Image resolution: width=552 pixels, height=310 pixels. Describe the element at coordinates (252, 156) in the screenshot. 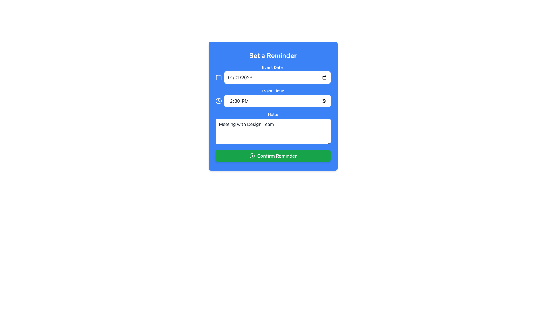

I see `the circular icon with a right-pointing arrow located within the 'Confirm Reminder' button, which is at the bottom of a card-like component` at that location.